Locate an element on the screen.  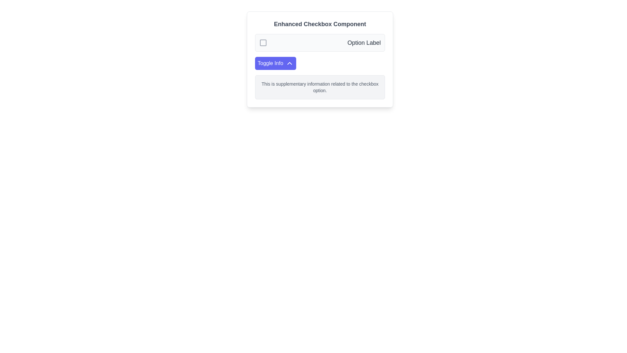
the button located below the 'Option Label' checkbox area is located at coordinates (276, 63).